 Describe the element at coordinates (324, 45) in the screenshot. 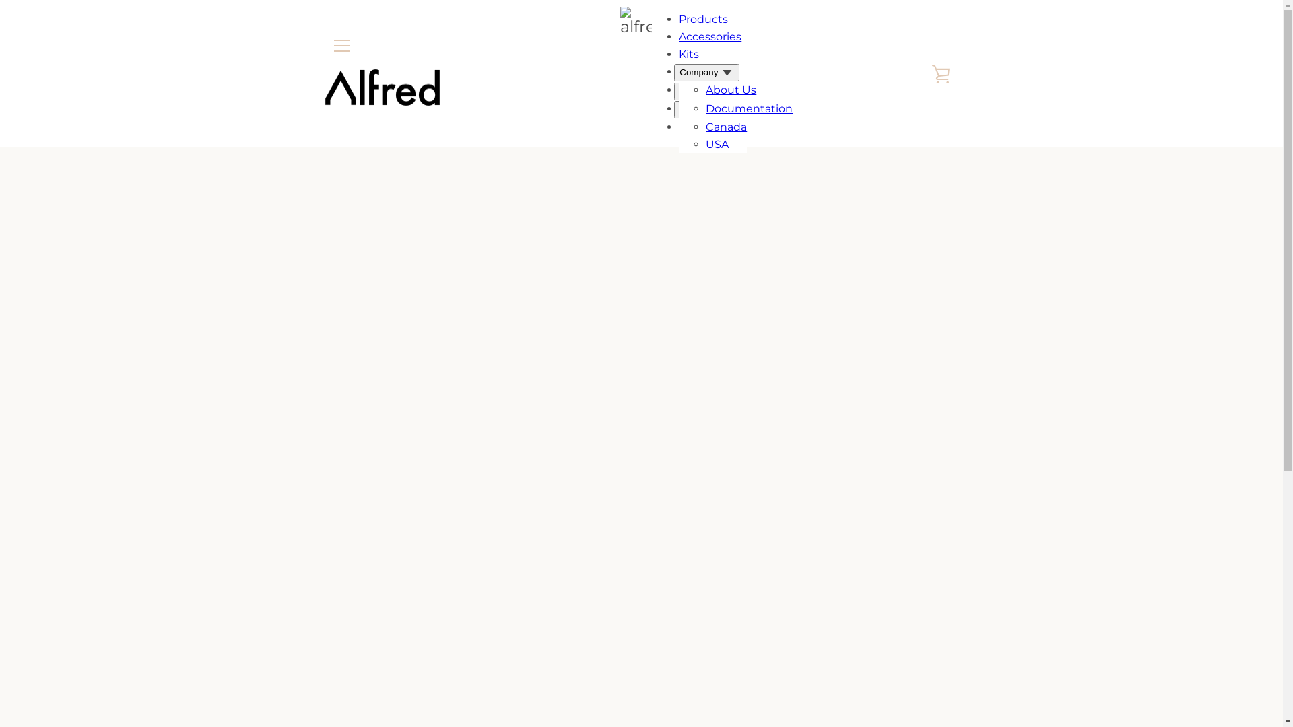

I see `'EXPAND NAVIGATION'` at that location.